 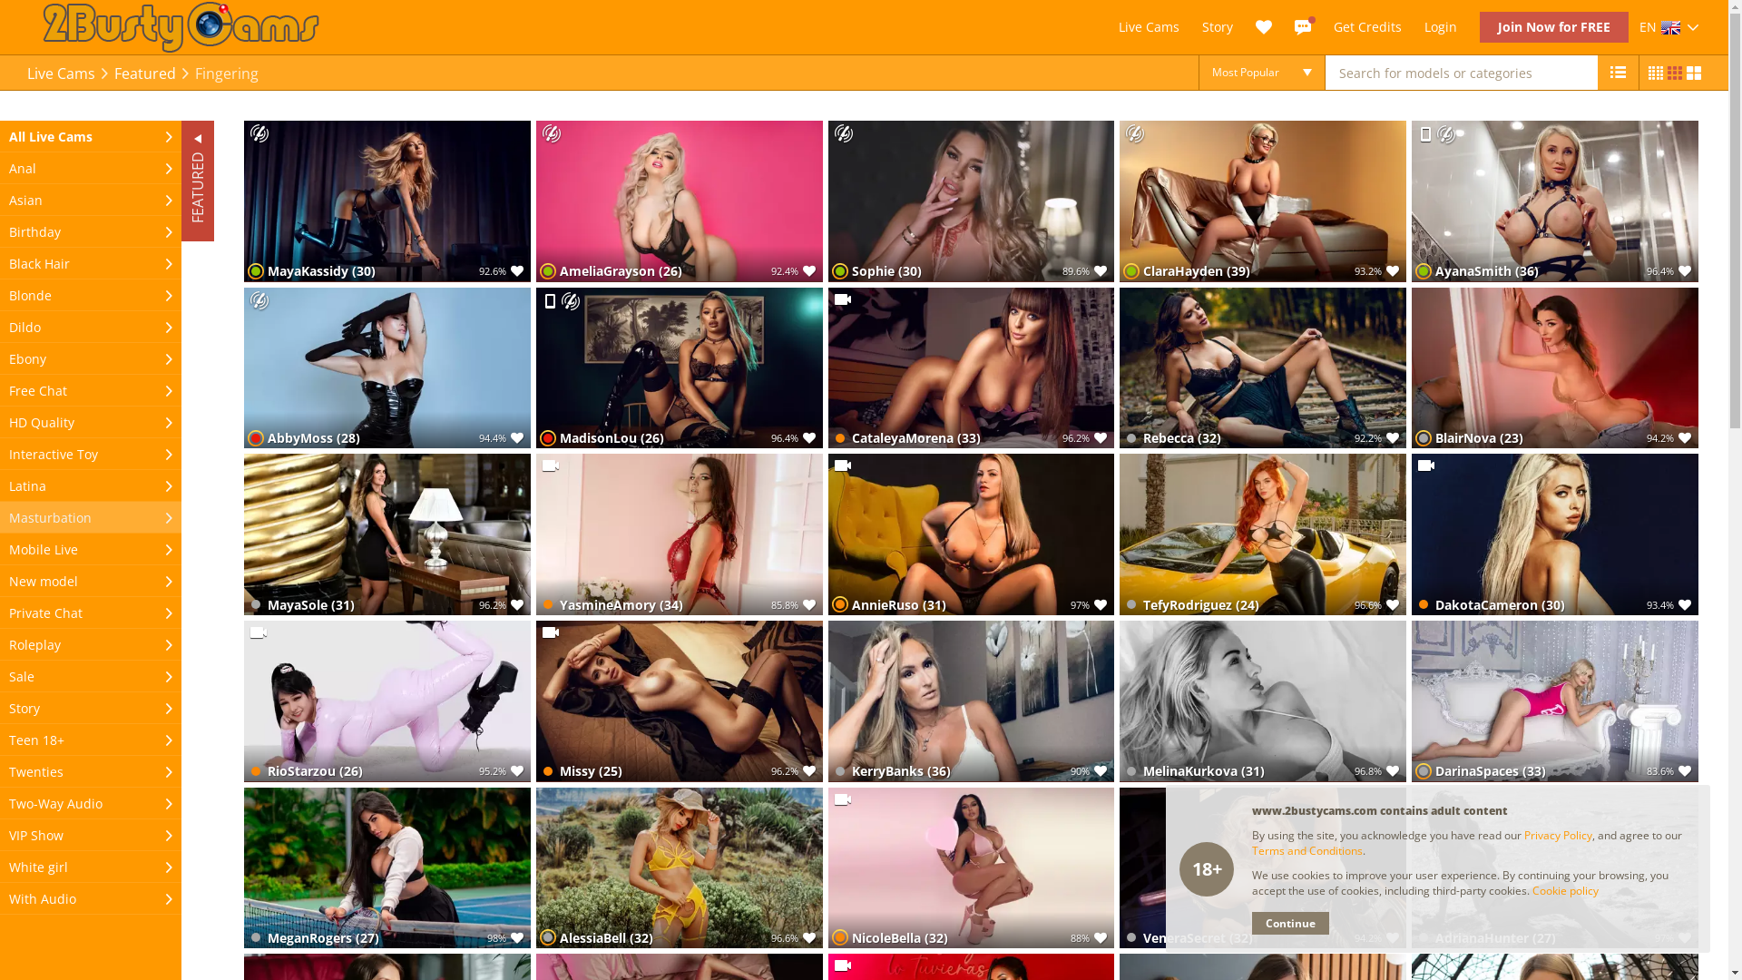 What do you see at coordinates (678, 201) in the screenshot?
I see `'AmeliaGrayson (26)` at bounding box center [678, 201].